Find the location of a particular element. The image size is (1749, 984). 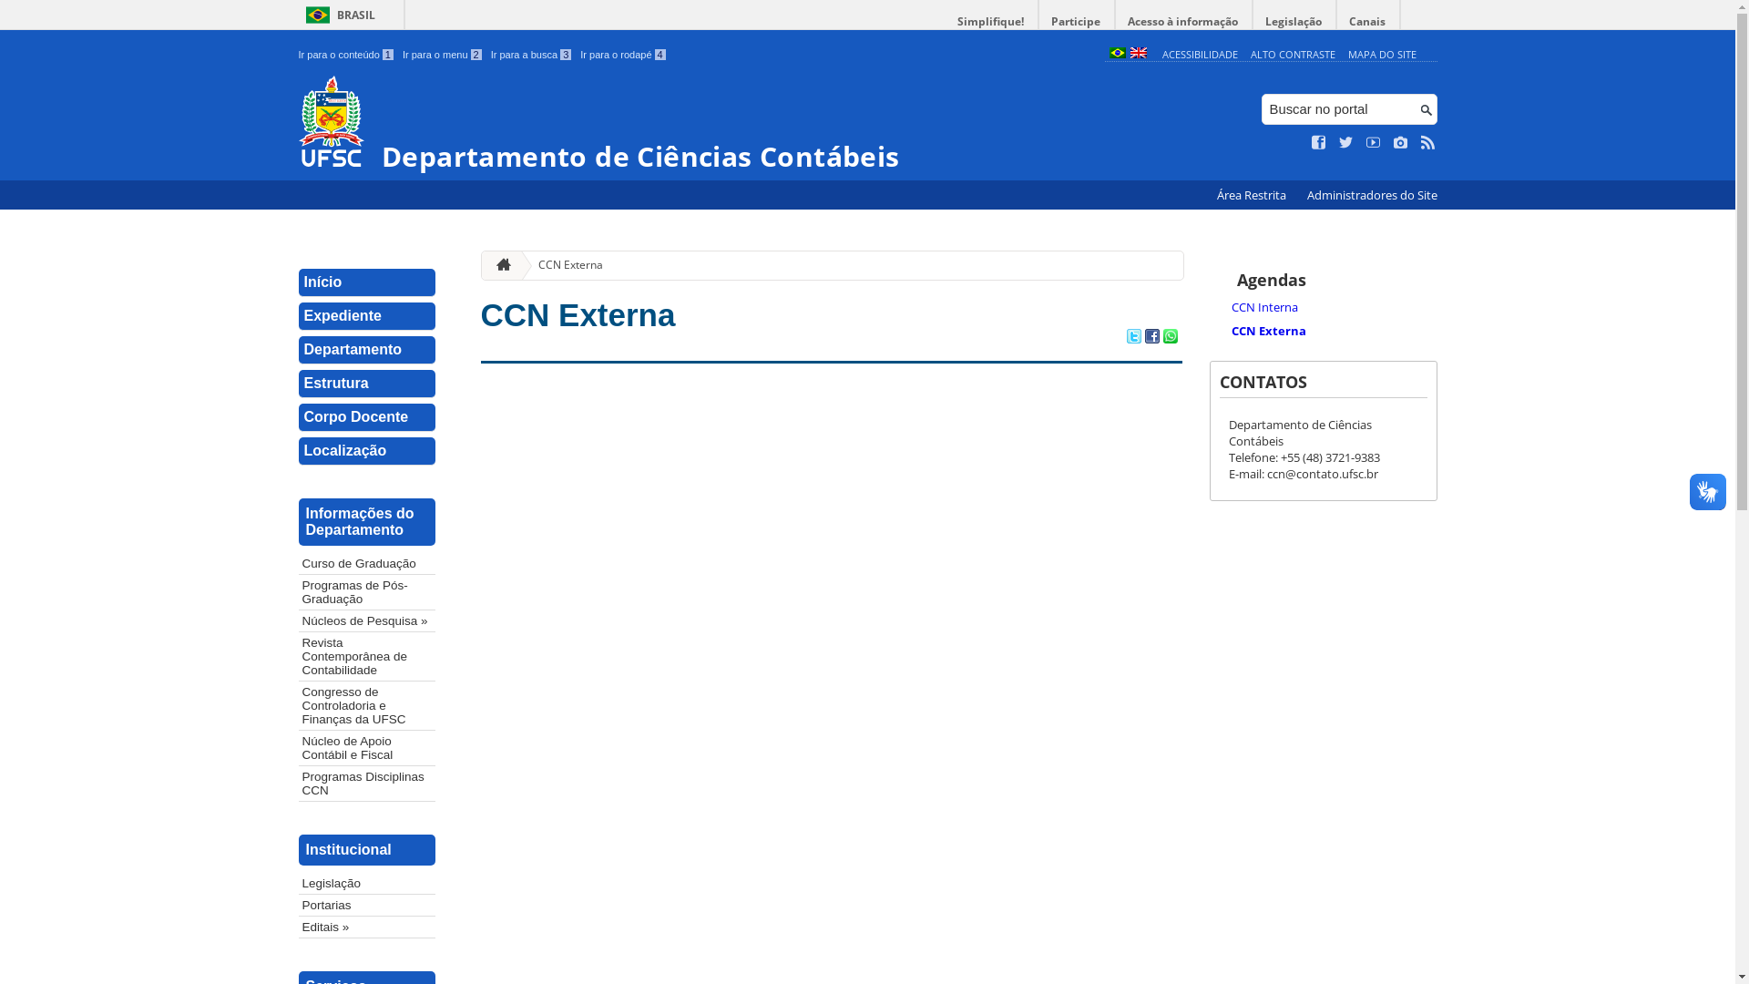

'Compartilhar no Facebook' is located at coordinates (1150, 337).